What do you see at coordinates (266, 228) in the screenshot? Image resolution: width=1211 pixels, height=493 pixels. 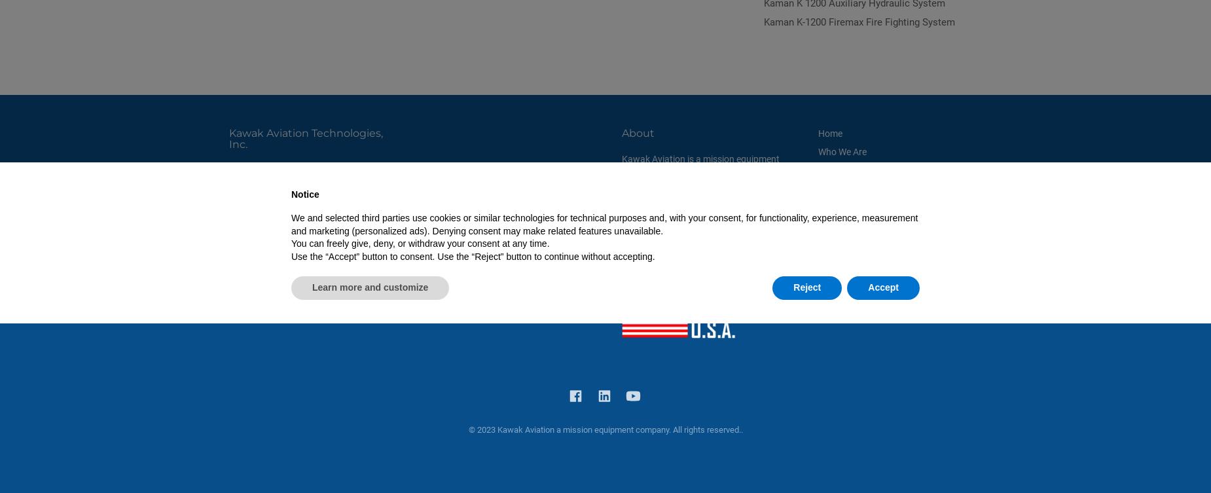 I see `'Fax:  541-617-9857'` at bounding box center [266, 228].